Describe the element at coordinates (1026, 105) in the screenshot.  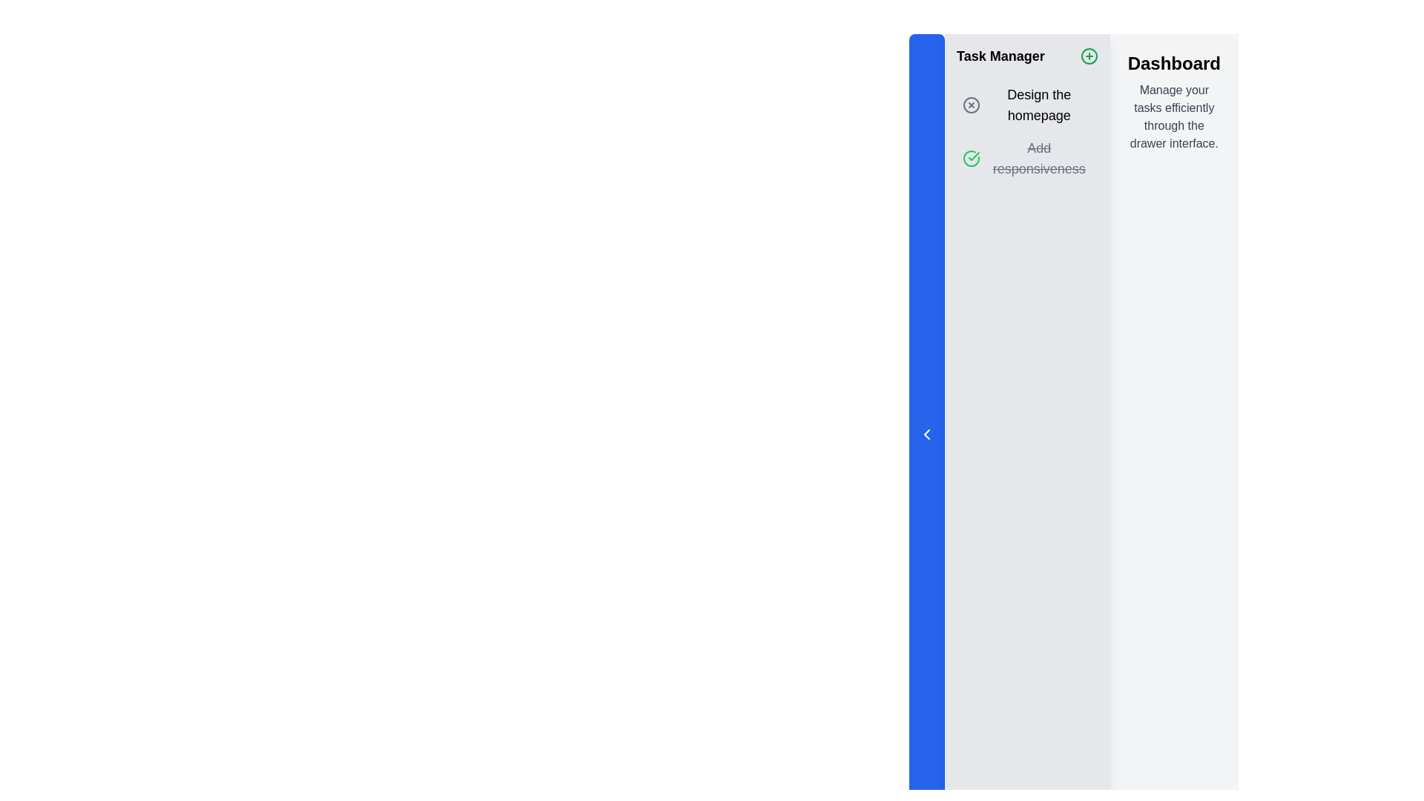
I see `the task item labeled 'Design the homepage' in the 'Task Manager' section` at that location.